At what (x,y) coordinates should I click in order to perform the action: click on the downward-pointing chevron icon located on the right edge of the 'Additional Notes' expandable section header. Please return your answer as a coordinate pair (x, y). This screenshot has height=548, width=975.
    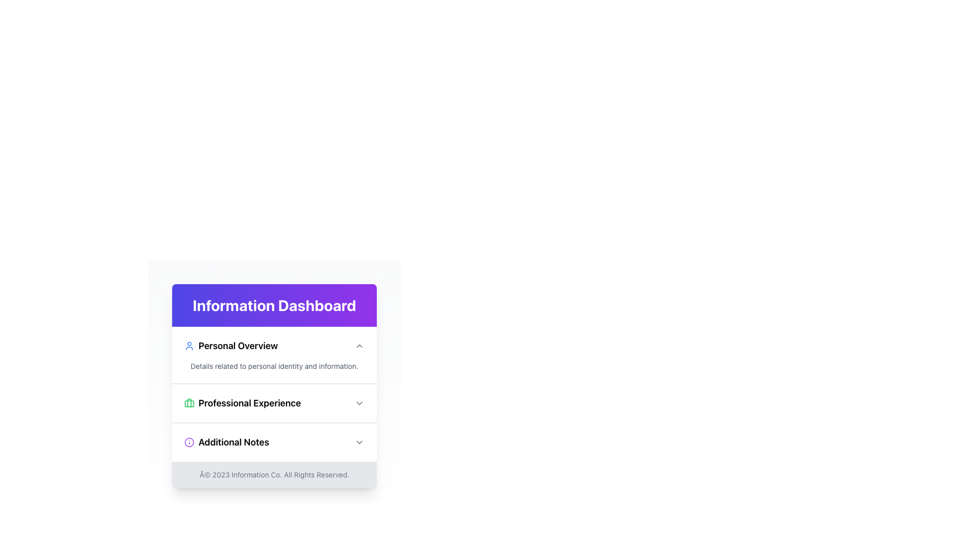
    Looking at the image, I should click on (360, 441).